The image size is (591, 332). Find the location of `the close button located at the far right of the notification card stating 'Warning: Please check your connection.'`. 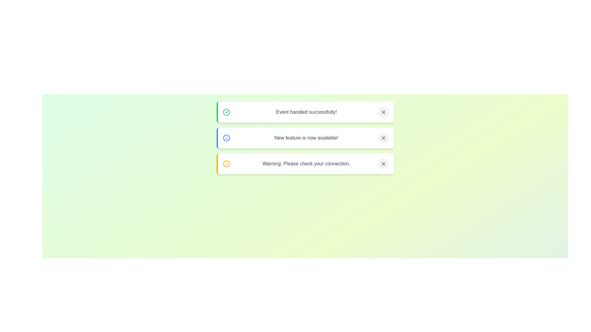

the close button located at the far right of the notification card stating 'Warning: Please check your connection.' is located at coordinates (383, 163).